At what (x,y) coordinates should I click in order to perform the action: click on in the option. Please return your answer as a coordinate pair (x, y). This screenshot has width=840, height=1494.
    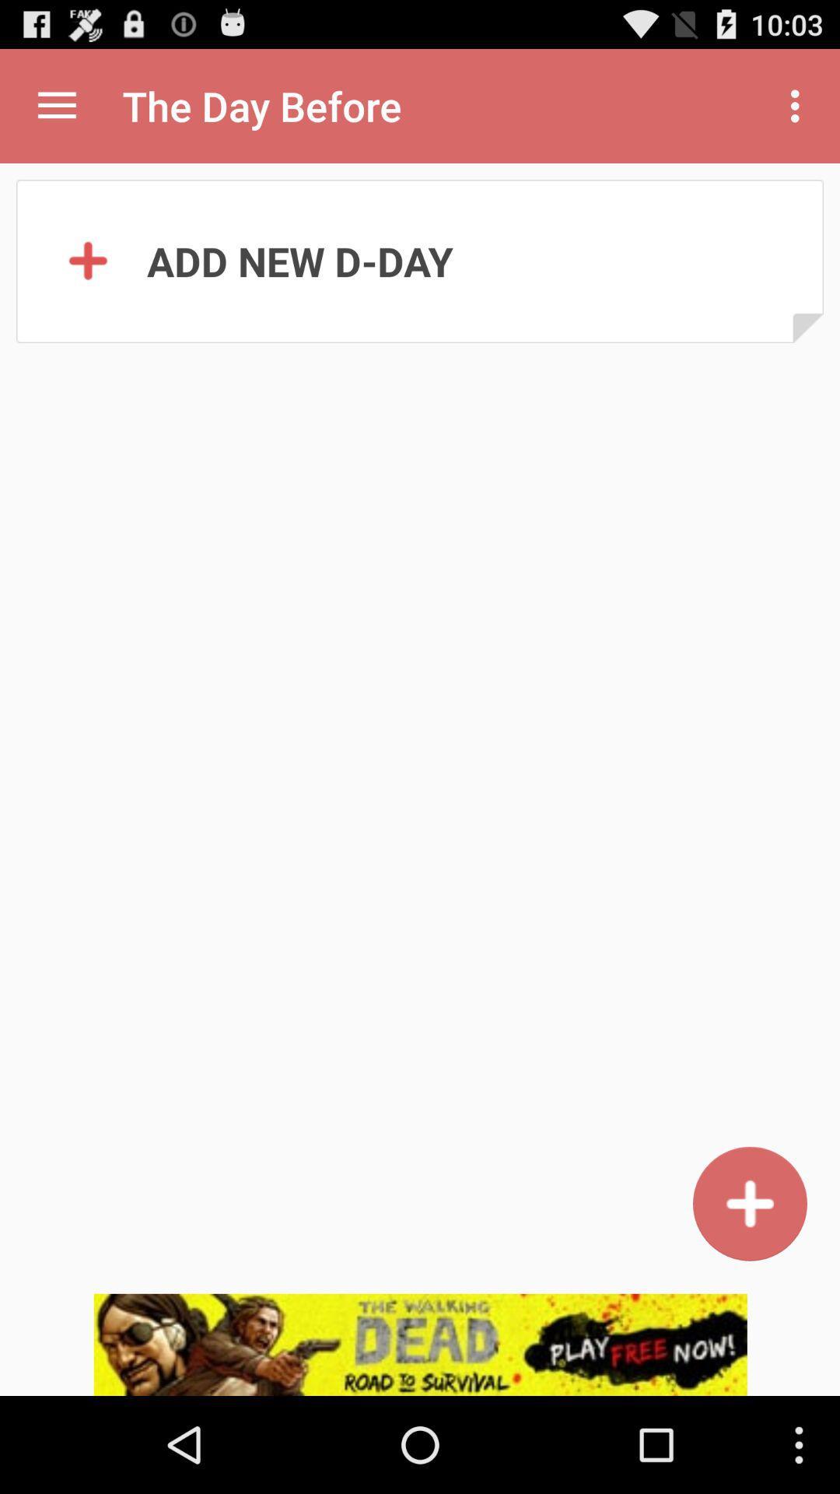
    Looking at the image, I should click on (749, 1203).